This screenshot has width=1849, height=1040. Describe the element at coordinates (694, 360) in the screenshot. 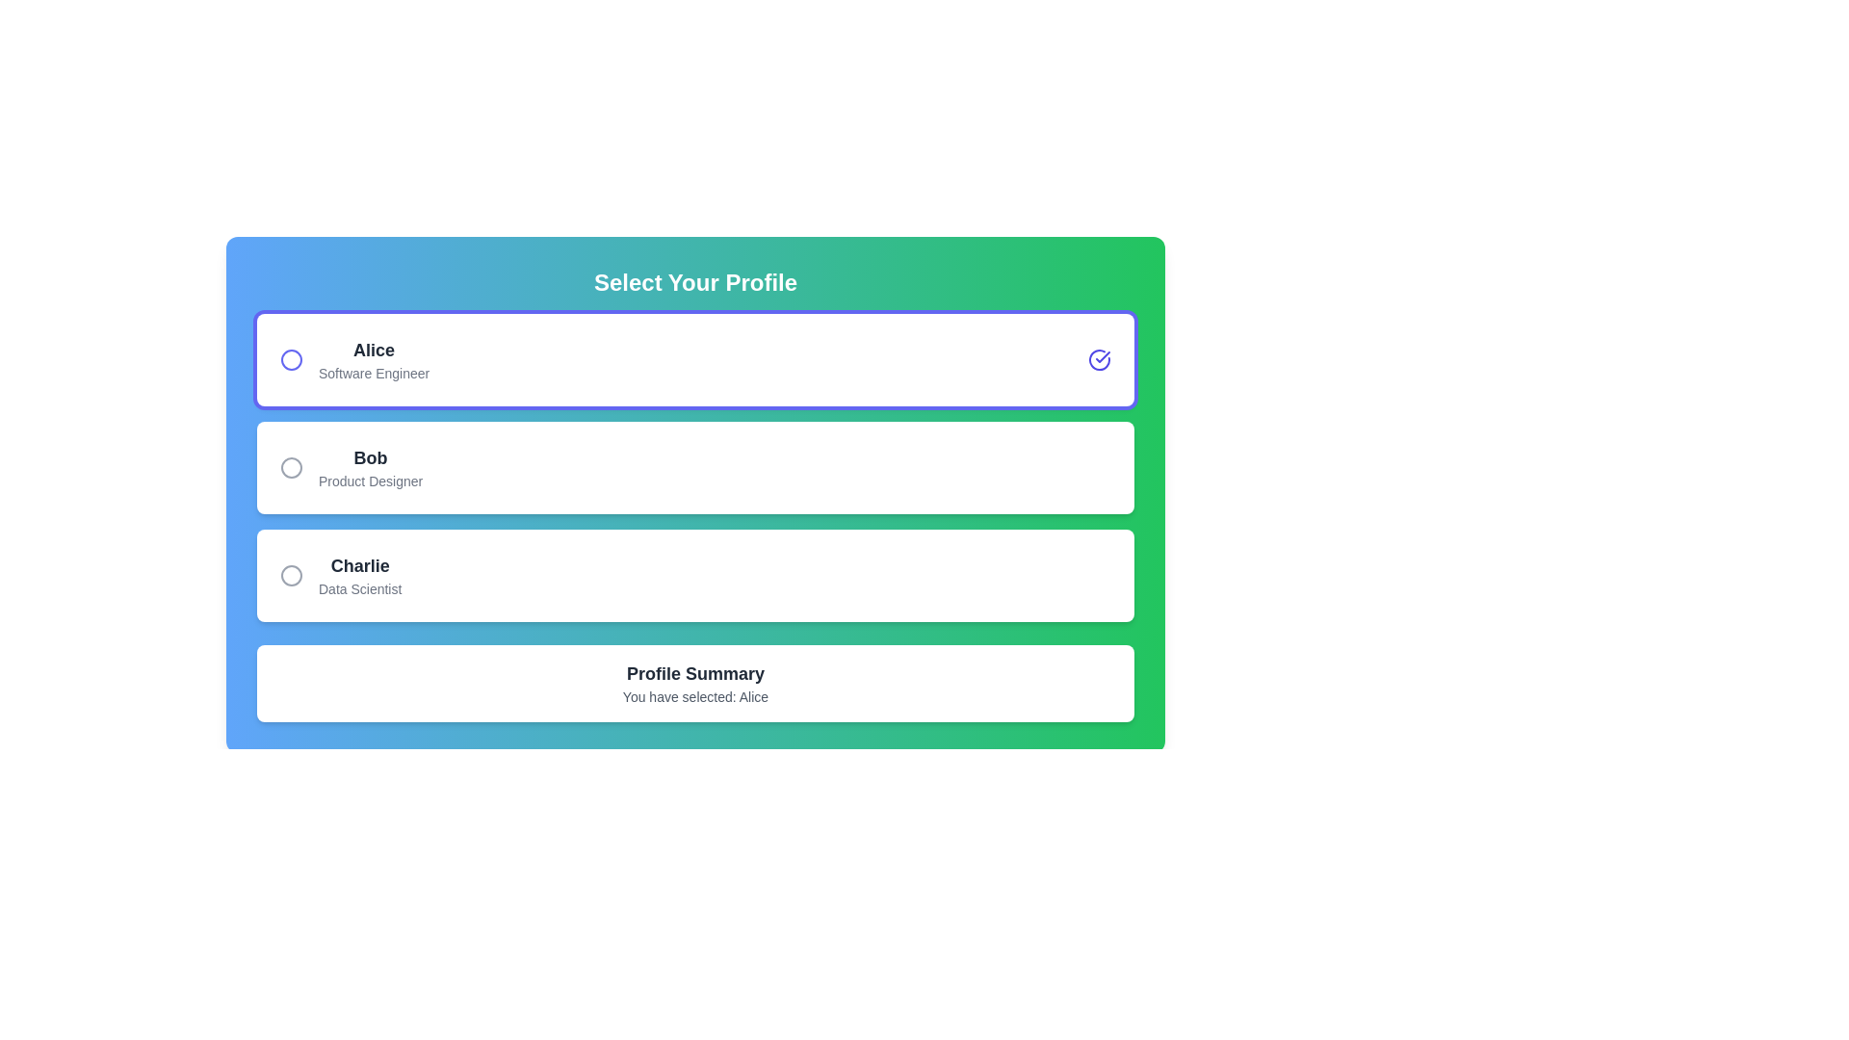

I see `the Profile Card displaying 'Alice' as the first profile in the column` at that location.